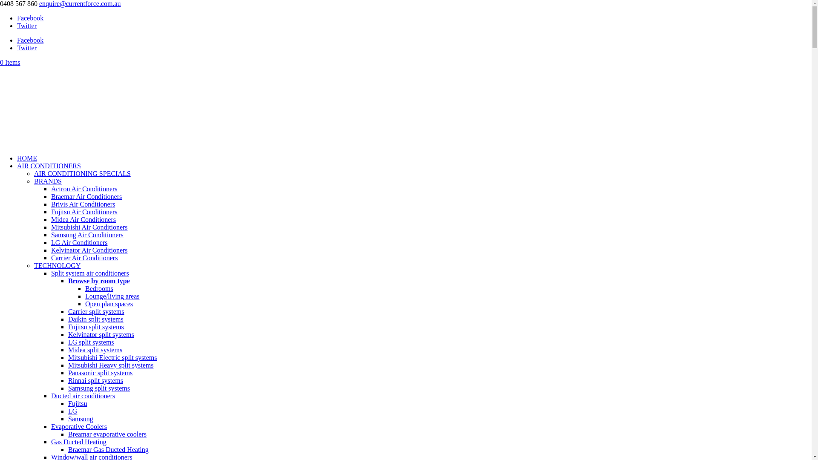 The image size is (818, 460). Describe the element at coordinates (81, 418) in the screenshot. I see `'Samsung'` at that location.